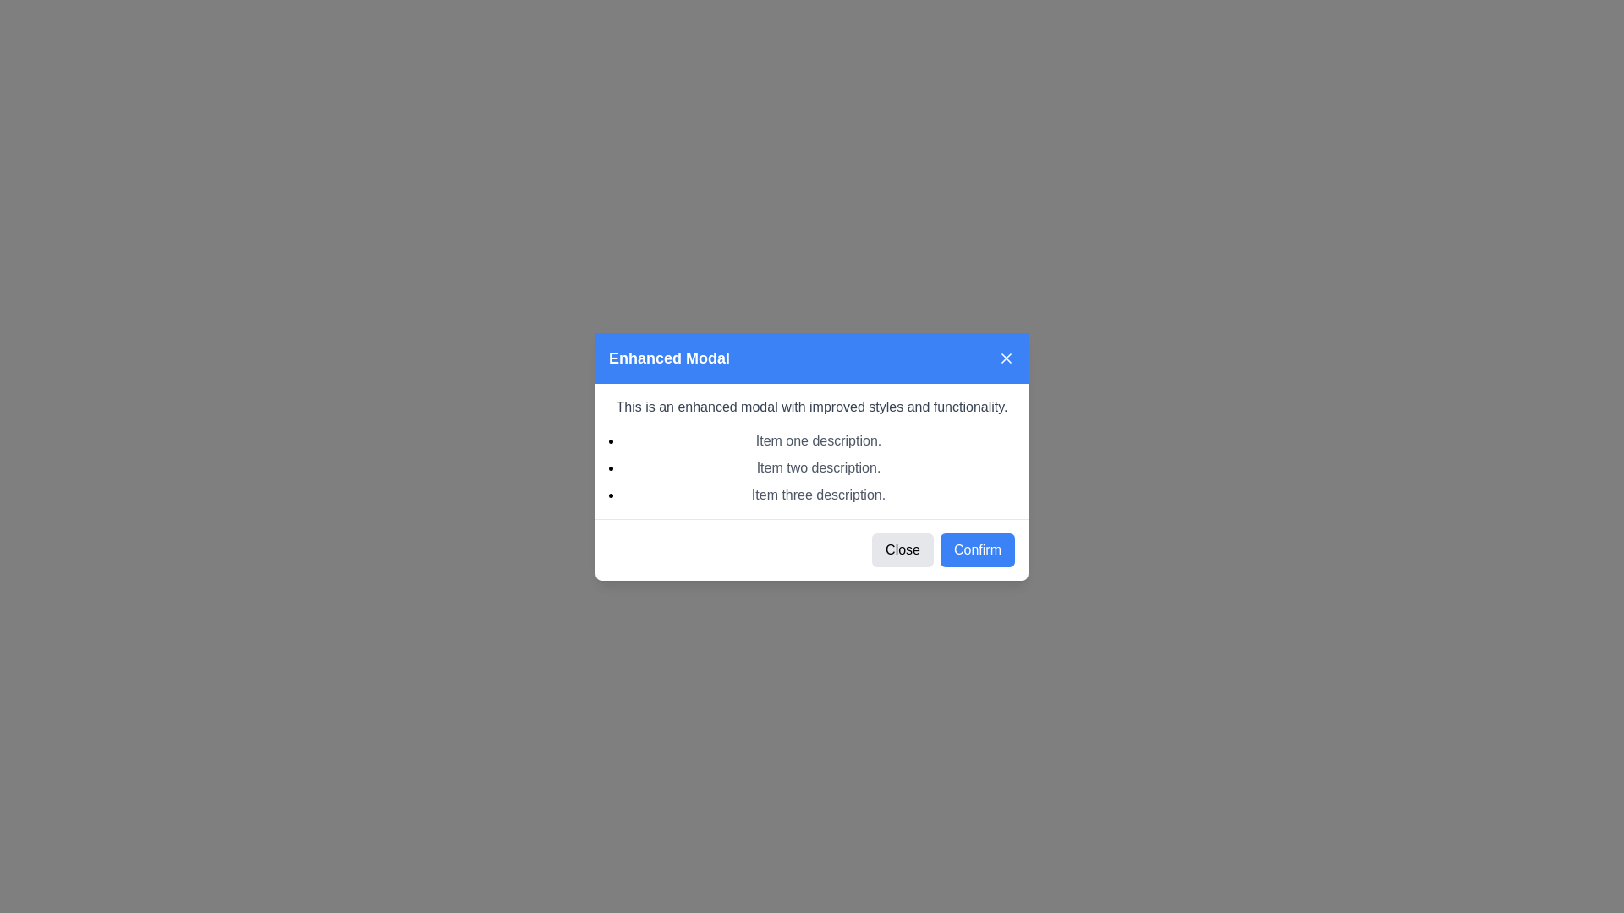 The width and height of the screenshot is (1624, 913). What do you see at coordinates (812, 549) in the screenshot?
I see `the action bar at the bottom of the modal dialog to interact with the buttons for closing or confirming an action` at bounding box center [812, 549].